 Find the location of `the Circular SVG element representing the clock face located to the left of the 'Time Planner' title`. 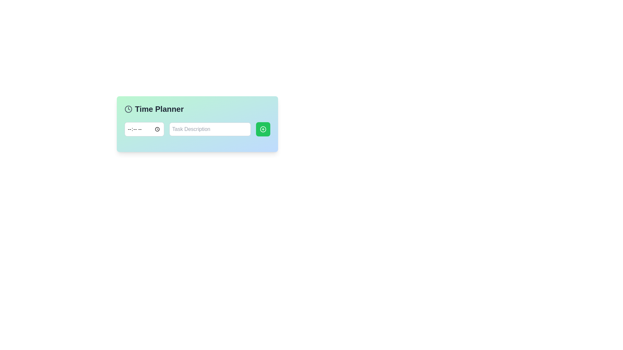

the Circular SVG element representing the clock face located to the left of the 'Time Planner' title is located at coordinates (128, 109).